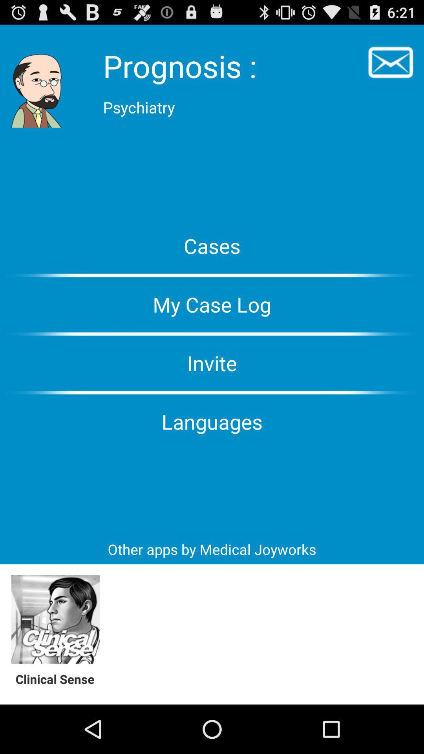 Image resolution: width=424 pixels, height=754 pixels. I want to click on the invite button, so click(212, 362).